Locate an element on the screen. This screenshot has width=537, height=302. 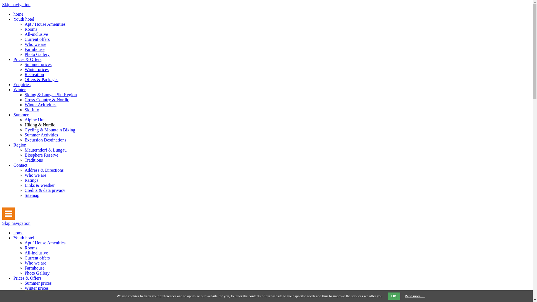
'Excursion Destinations' is located at coordinates (45, 140).